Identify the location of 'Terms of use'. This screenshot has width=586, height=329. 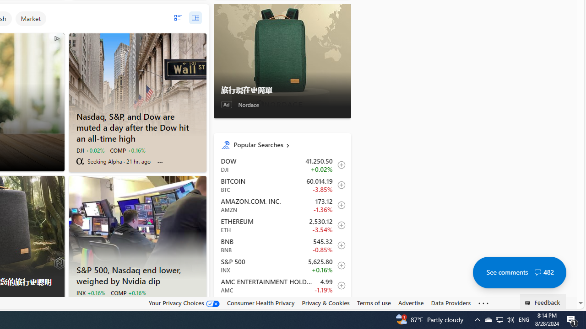
(374, 302).